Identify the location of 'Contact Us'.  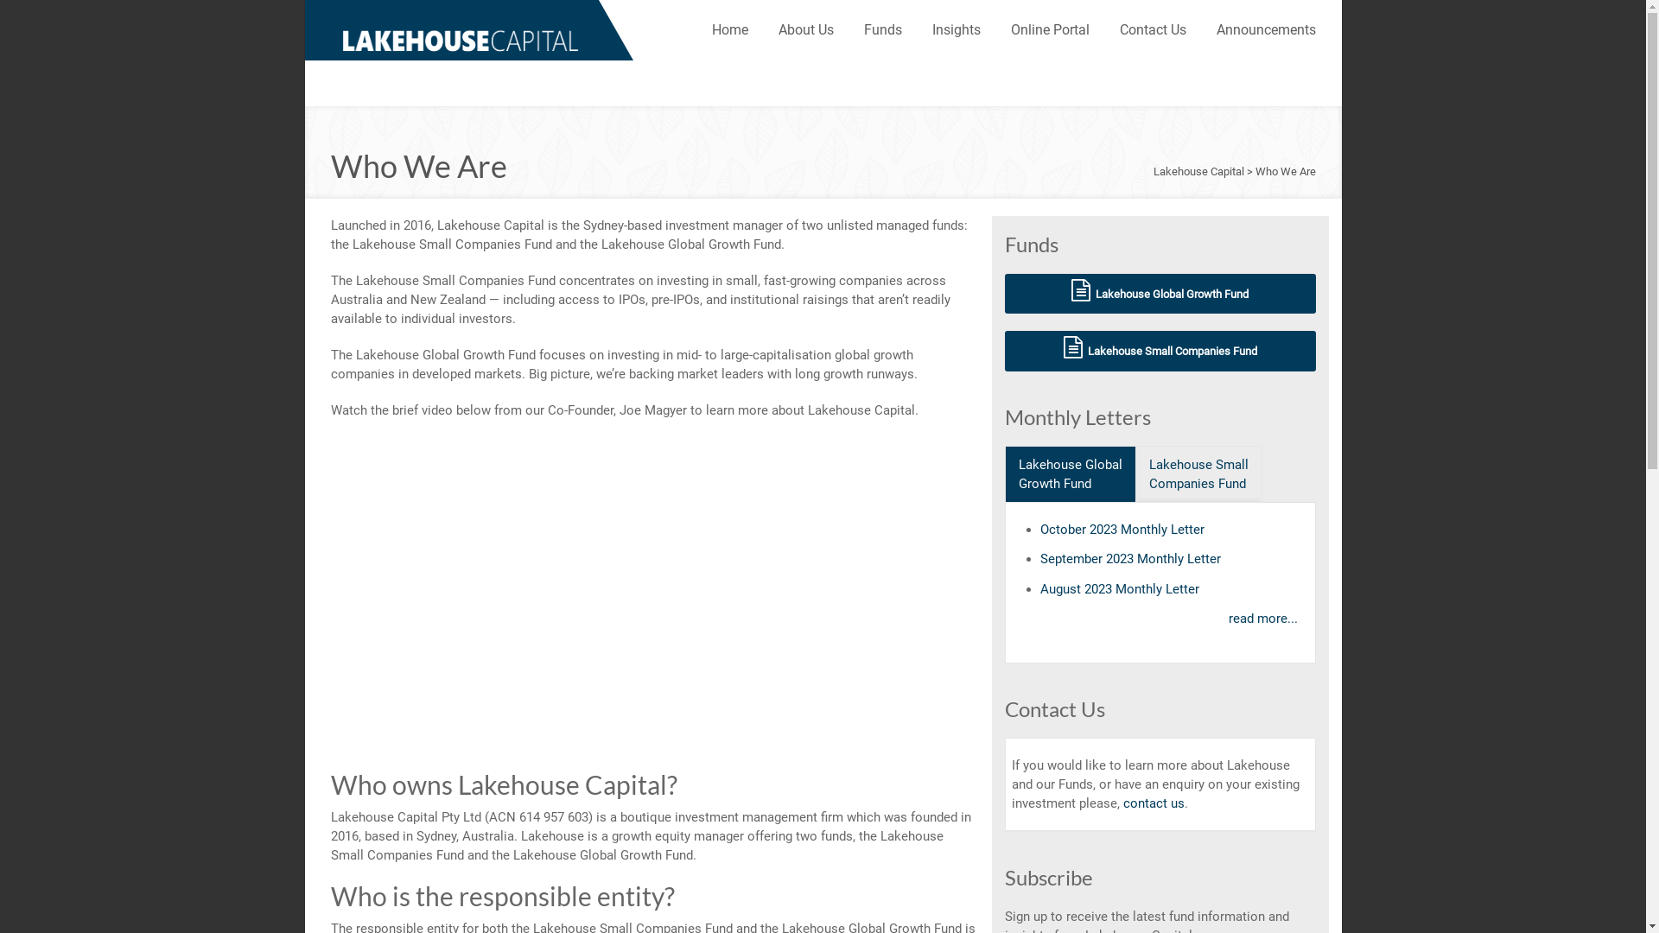
(1120, 29).